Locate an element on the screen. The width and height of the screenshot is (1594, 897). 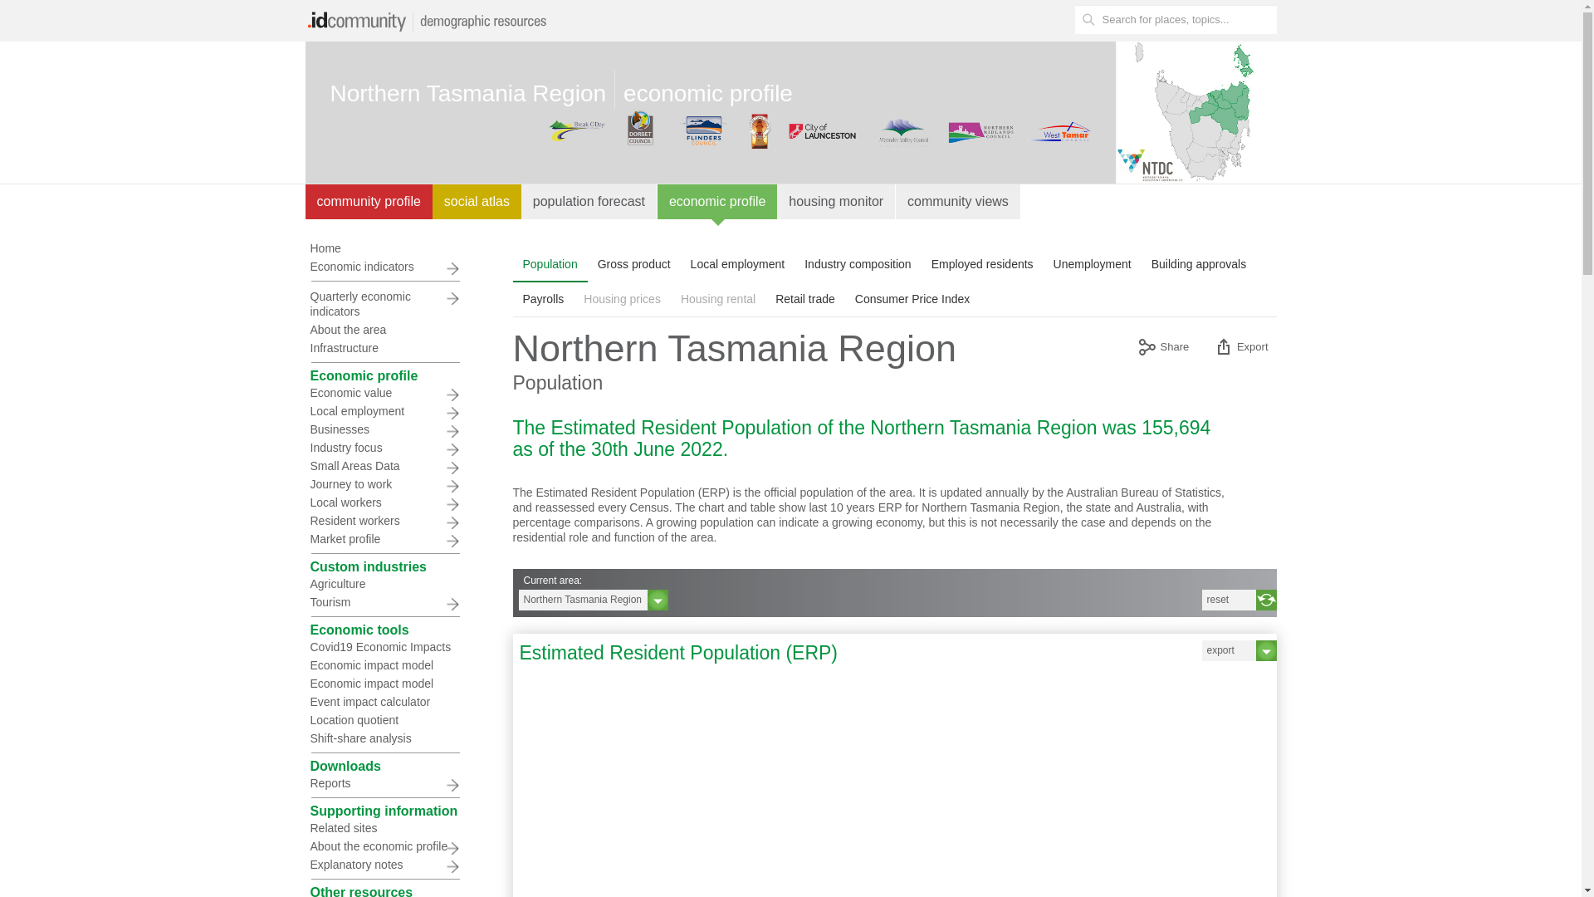
'Local workers is located at coordinates (383, 502).